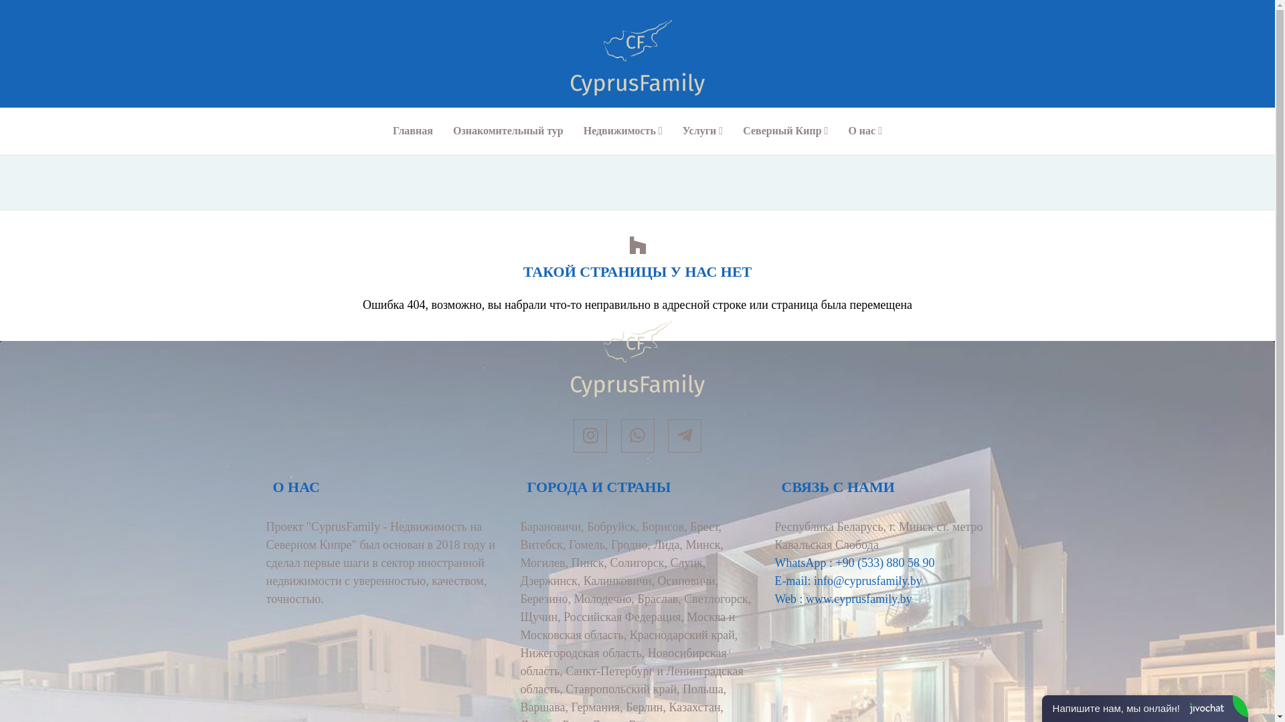 The width and height of the screenshot is (1285, 722). Describe the element at coordinates (847, 580) in the screenshot. I see `'E-mail: info@cyprusfamily.by'` at that location.